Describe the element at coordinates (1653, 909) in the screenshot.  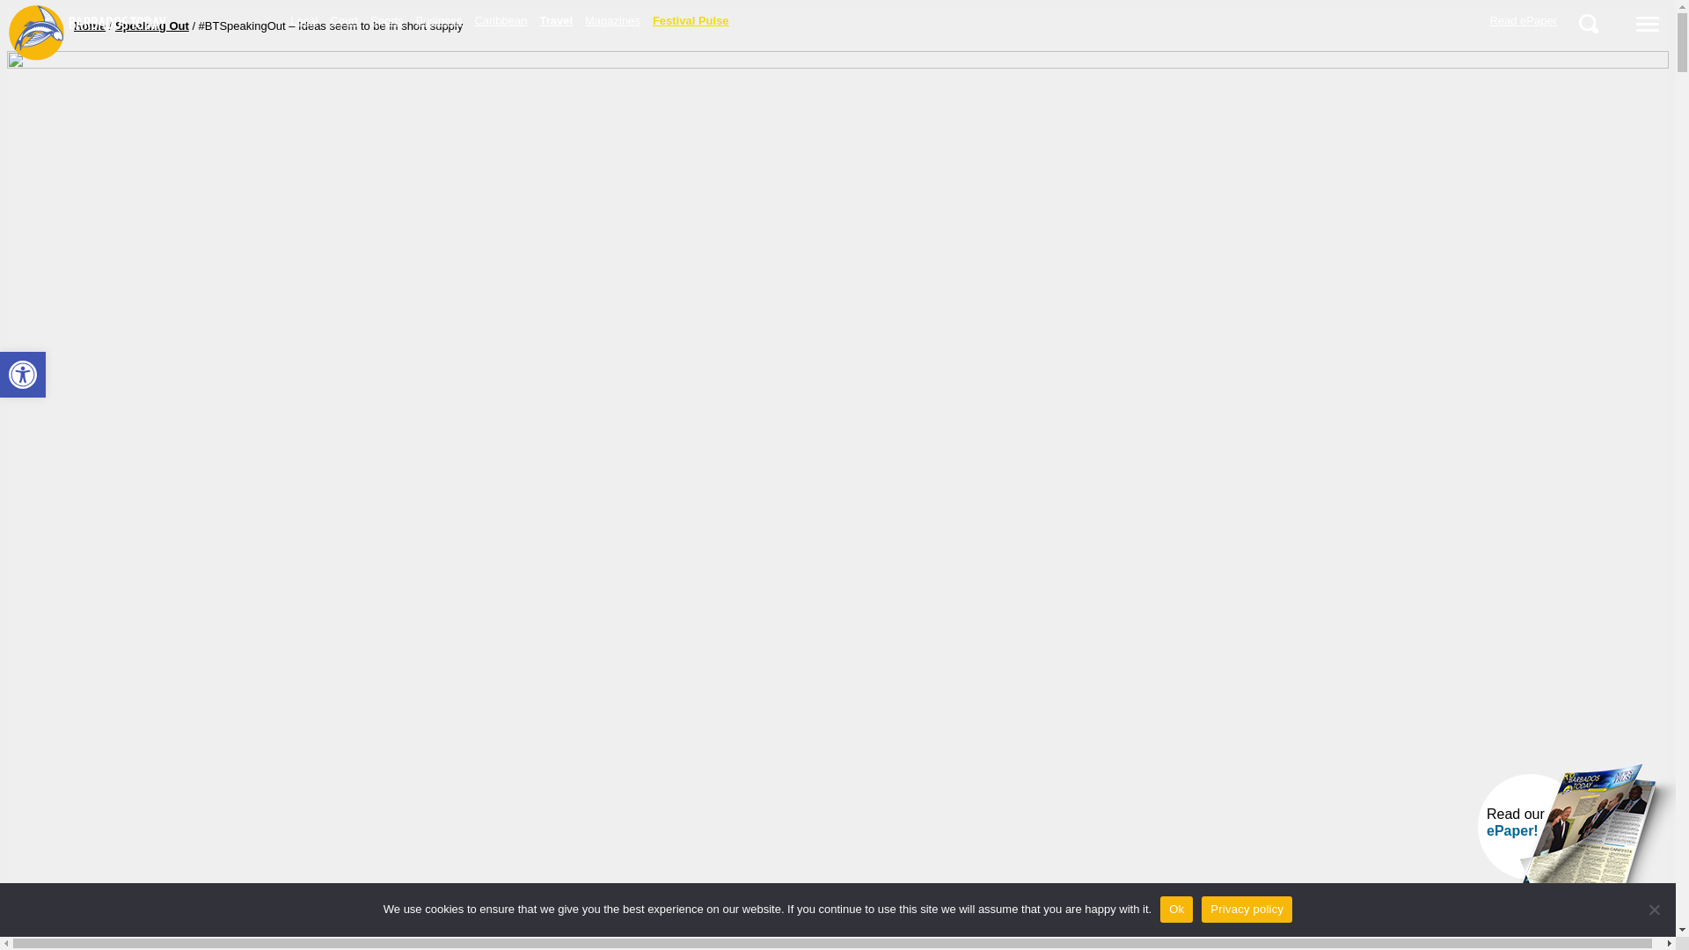
I see `'No'` at that location.